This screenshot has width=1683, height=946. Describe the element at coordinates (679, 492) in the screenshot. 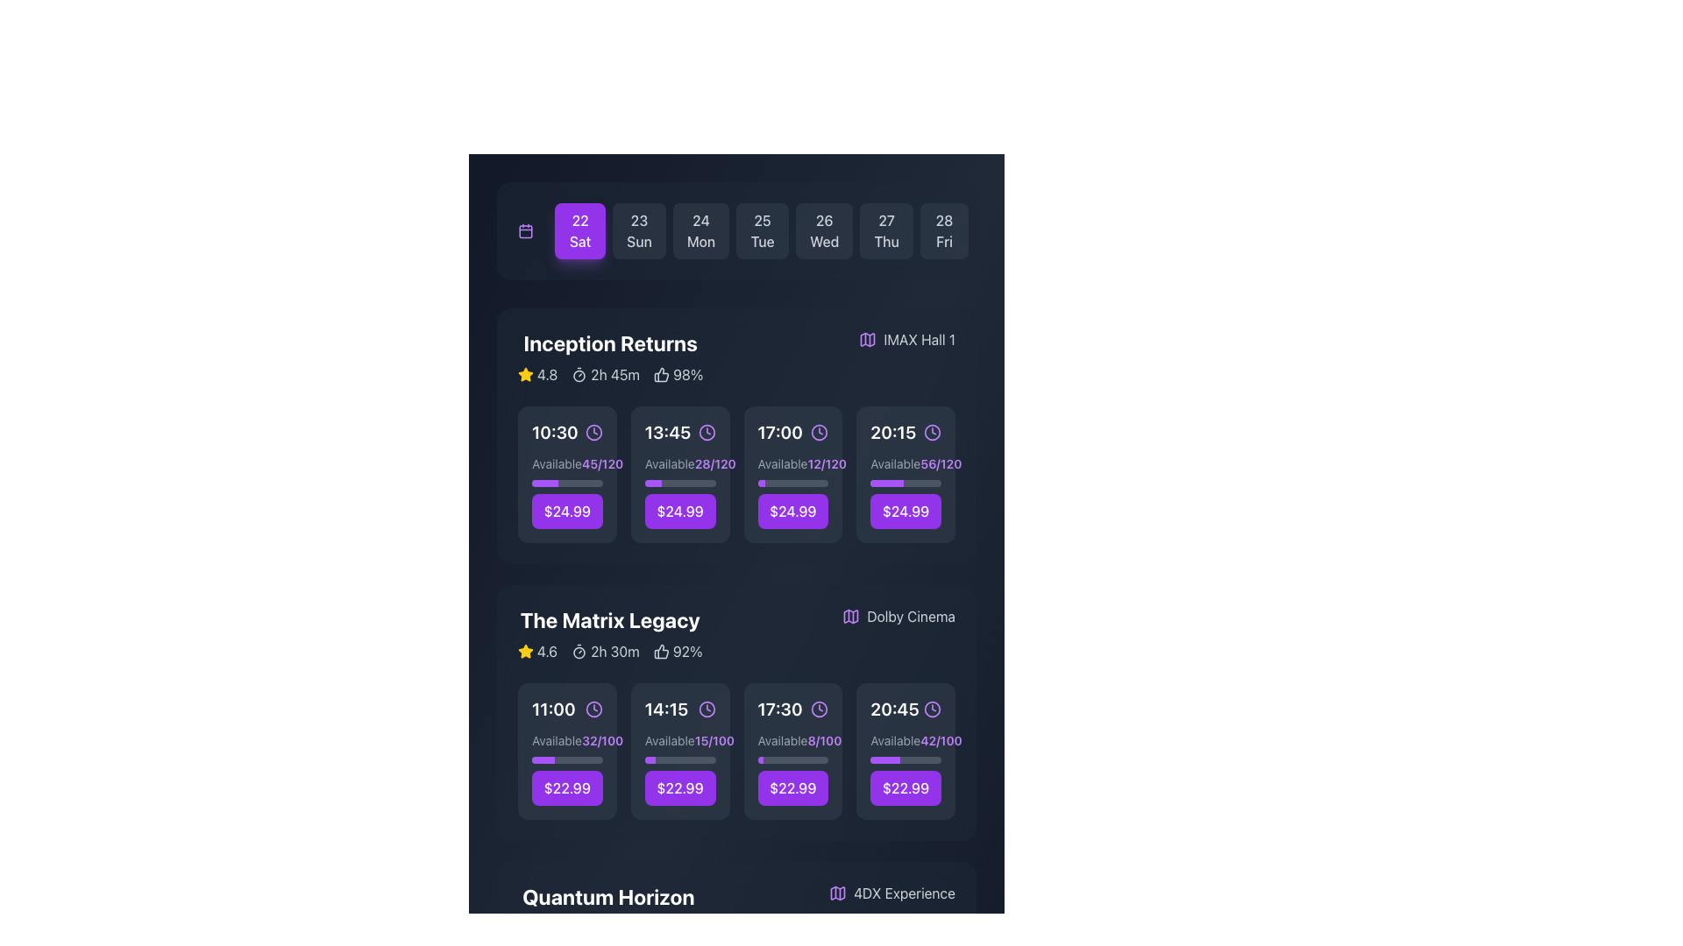

I see `the rectangular button displaying '$24.99' in bold white font on a purple background, located beneath the progress bar for the '13:45' screening` at that location.